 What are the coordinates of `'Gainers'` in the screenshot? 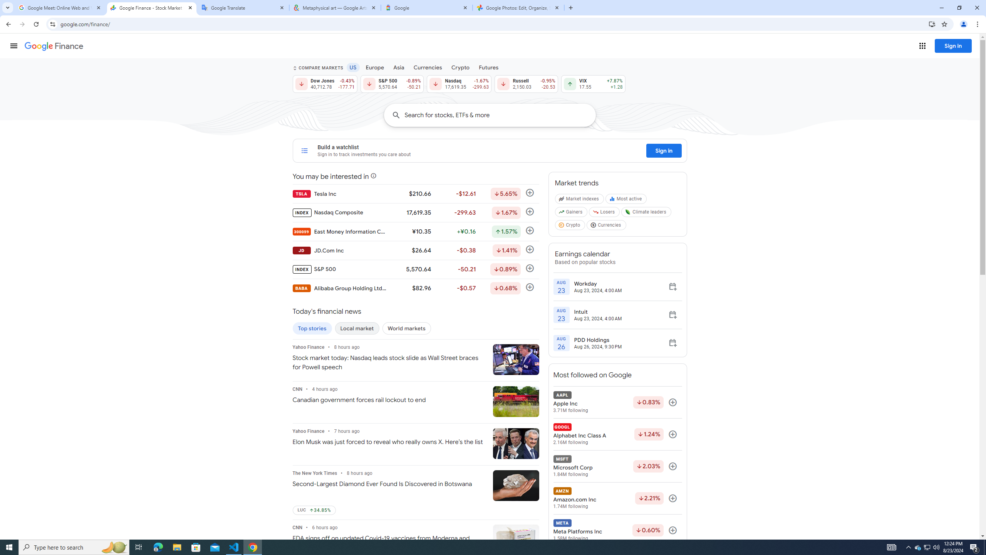 It's located at (571, 214).